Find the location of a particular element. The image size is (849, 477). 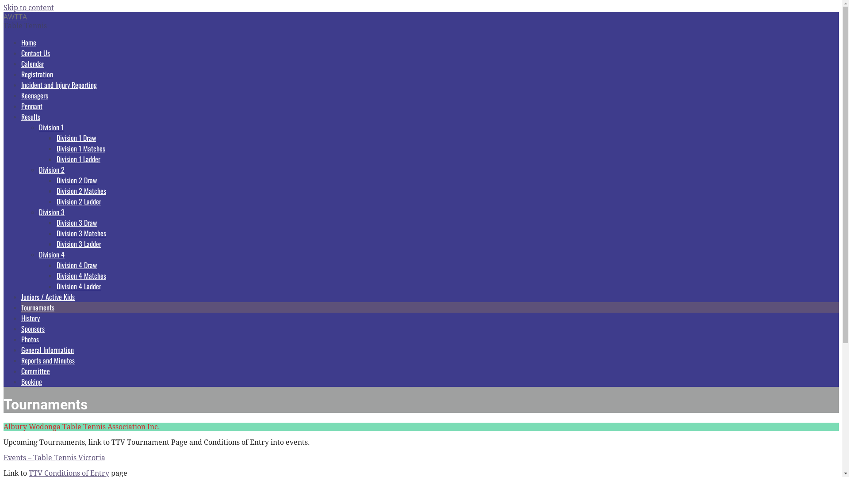

'Pennant' is located at coordinates (32, 105).